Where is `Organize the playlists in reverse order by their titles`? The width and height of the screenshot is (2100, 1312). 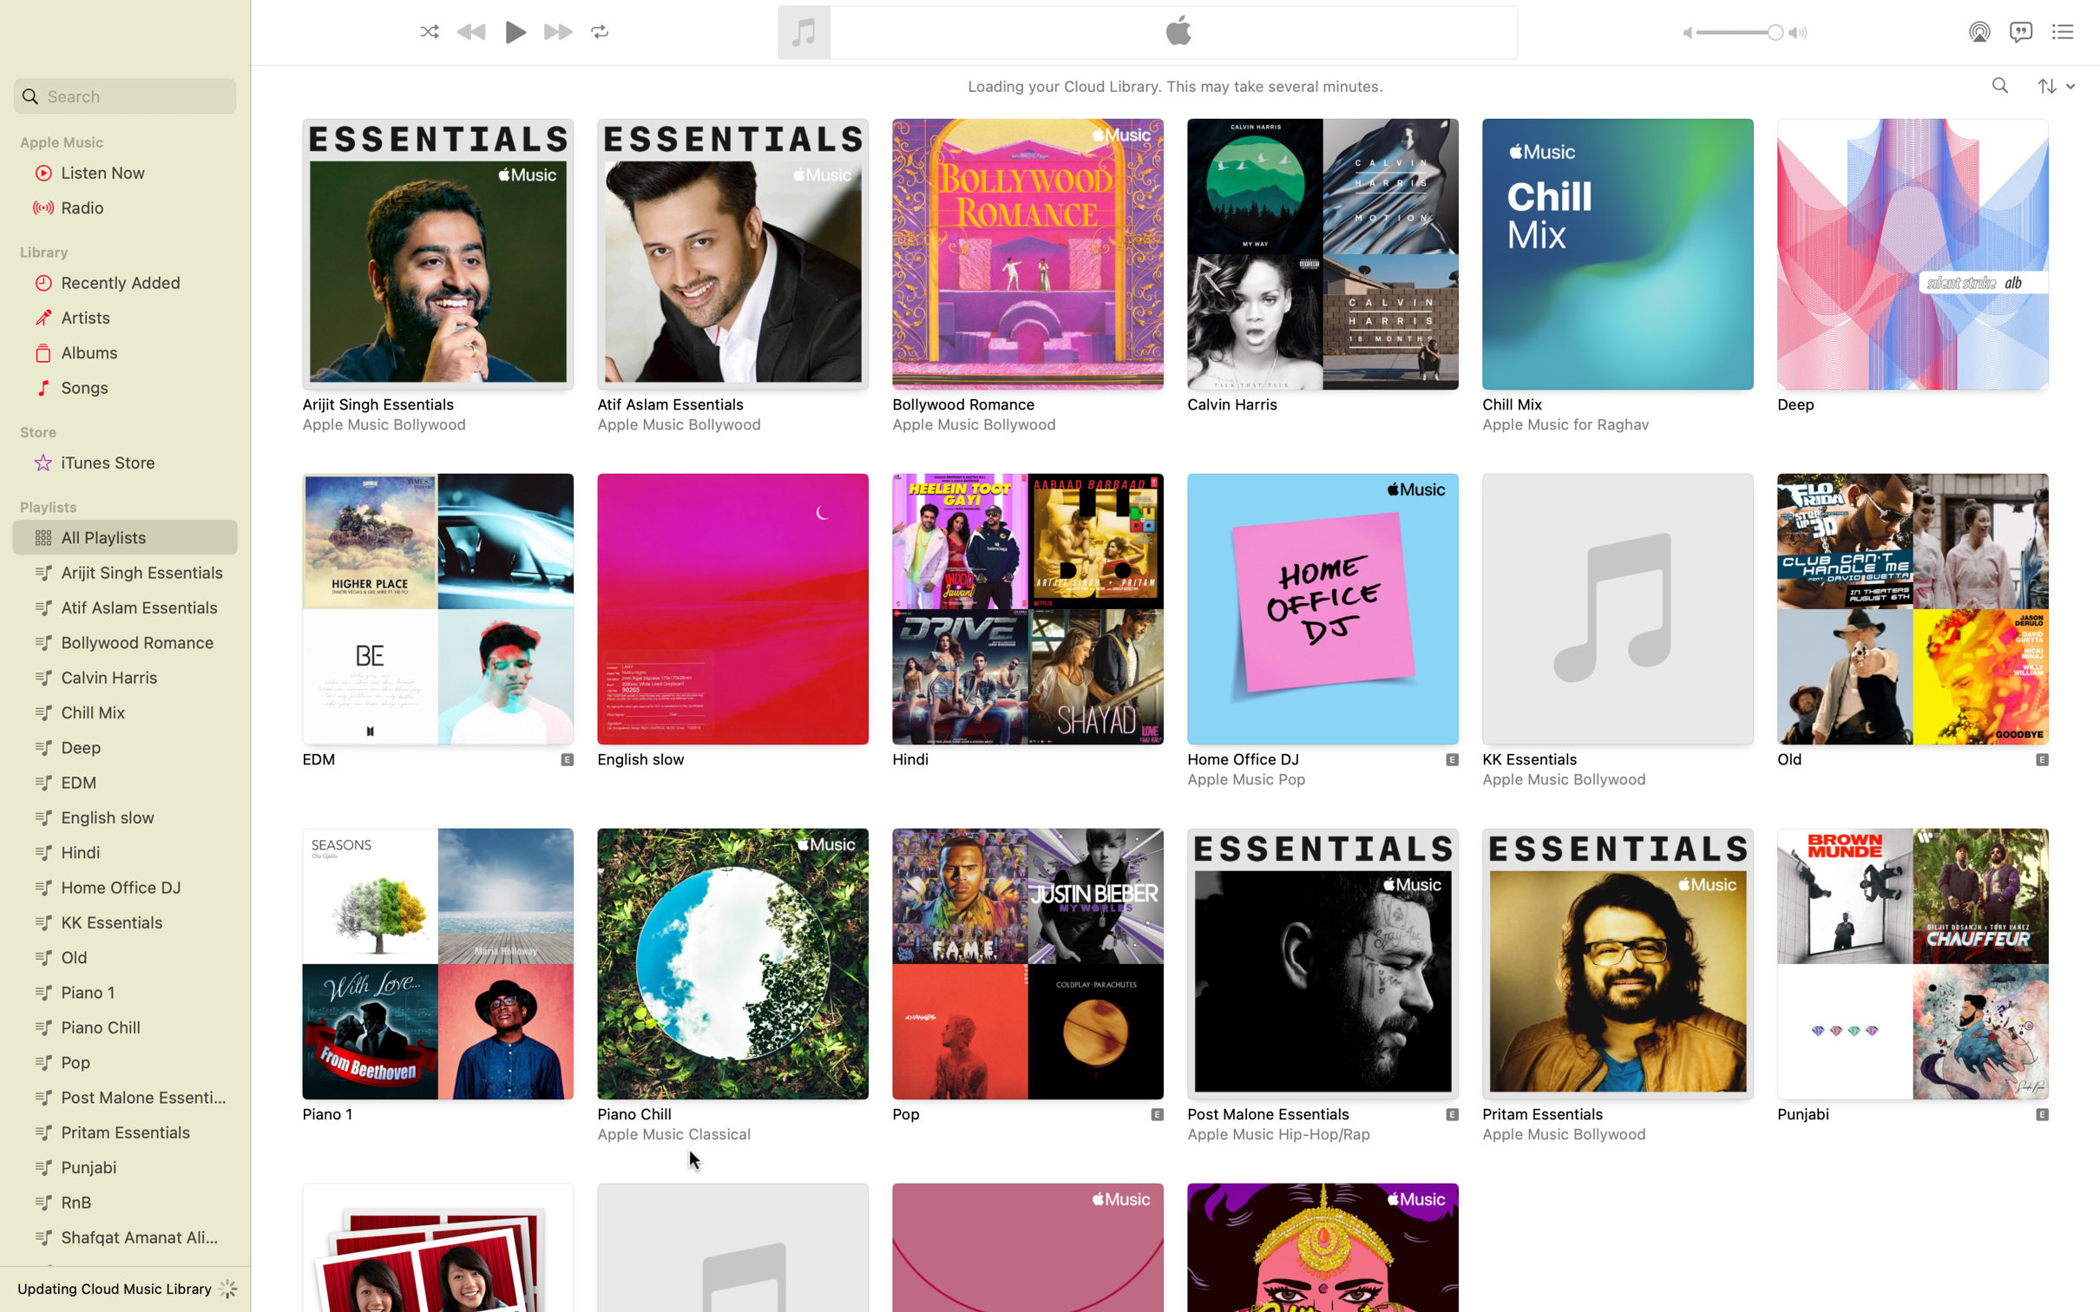
Organize the playlists in reverse order by their titles is located at coordinates (2055, 84).